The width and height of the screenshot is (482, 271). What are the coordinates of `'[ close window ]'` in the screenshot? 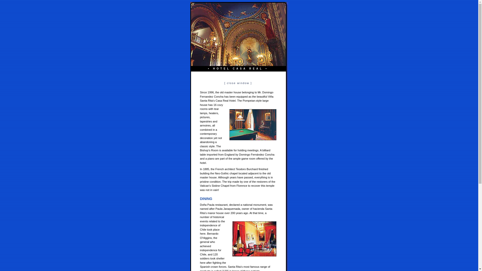 It's located at (238, 83).